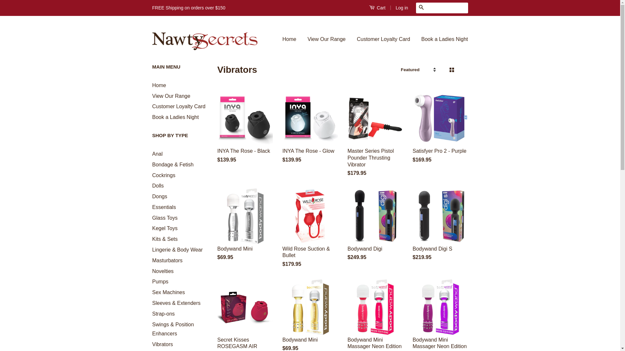  I want to click on 'Wild Rose Suction & Bullet, so click(283, 234).